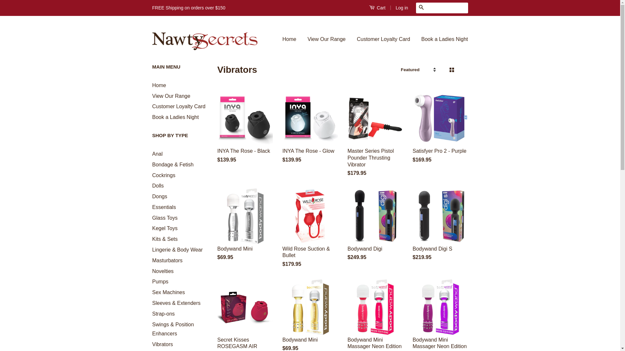  I want to click on 'Wild Rose Suction & Bullet, so click(283, 234).